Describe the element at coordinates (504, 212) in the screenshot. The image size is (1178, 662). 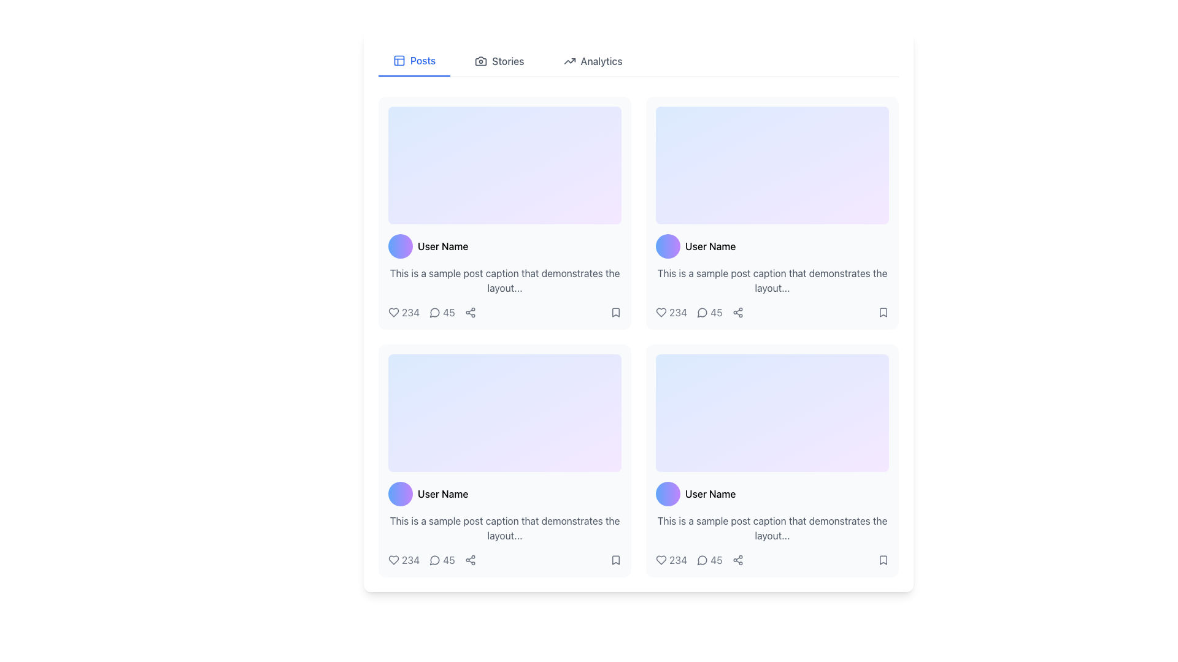
I see `the first card in the two-column grid layout, which features a gradient background, a circular profile picture, and user details including 'User Name' and a sample post caption` at that location.